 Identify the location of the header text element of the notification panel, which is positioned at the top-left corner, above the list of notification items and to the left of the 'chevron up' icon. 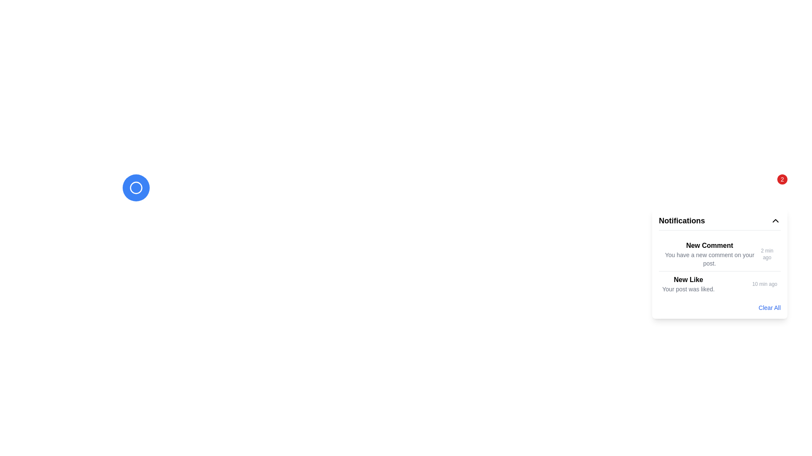
(682, 220).